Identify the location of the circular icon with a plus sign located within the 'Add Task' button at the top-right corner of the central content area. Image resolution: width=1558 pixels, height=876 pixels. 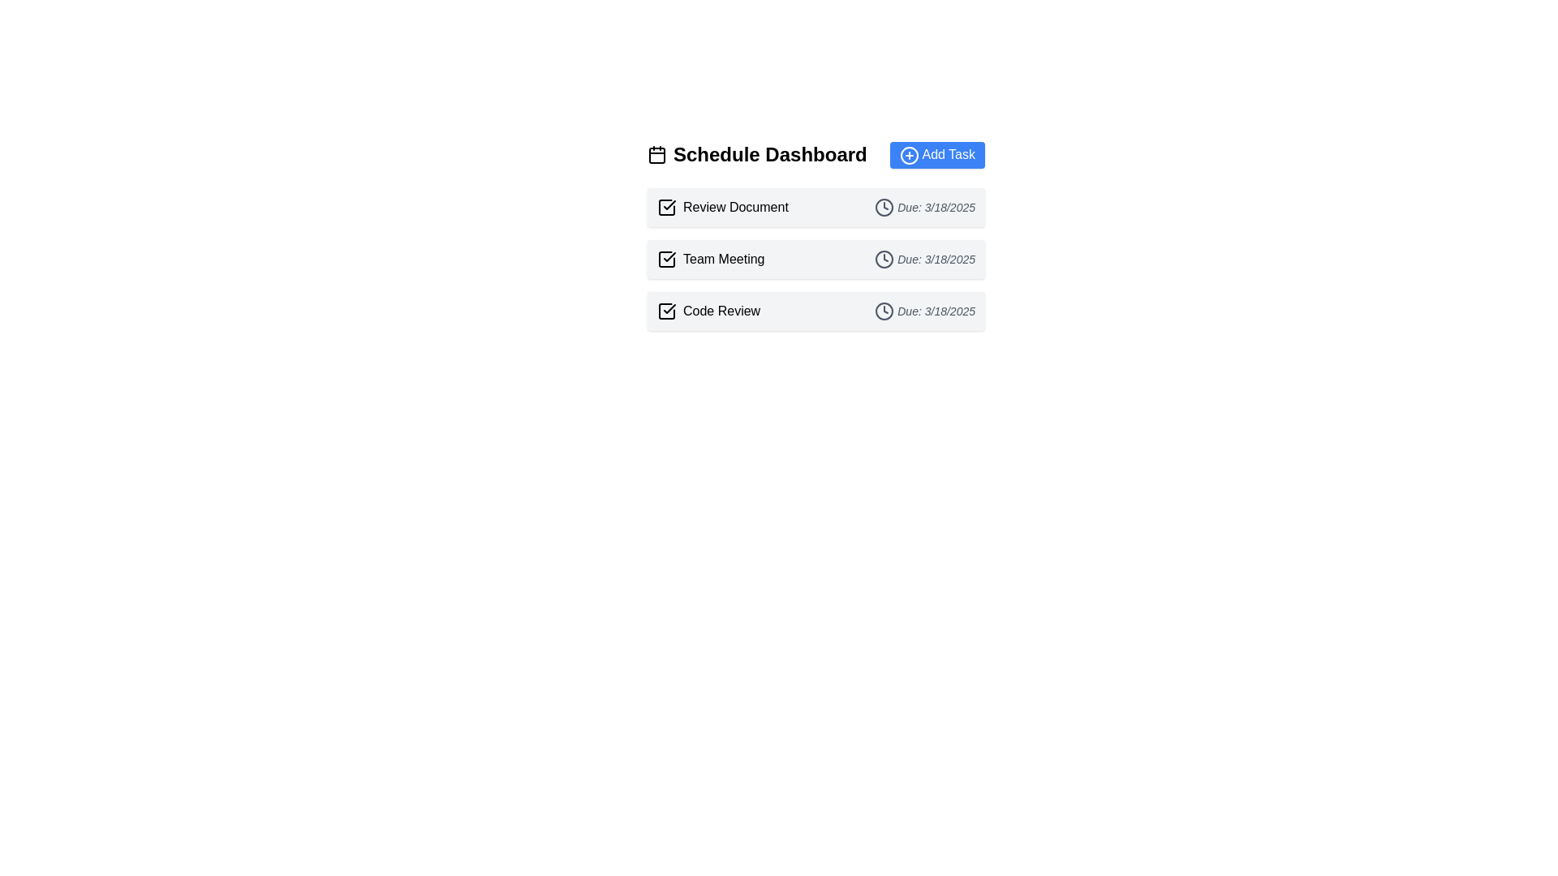
(909, 155).